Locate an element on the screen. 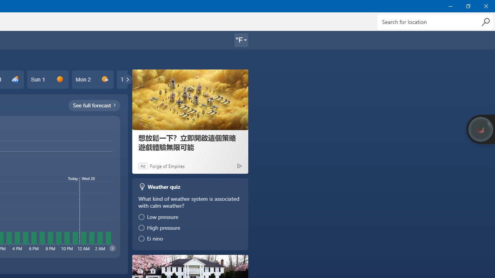 The height and width of the screenshot is (278, 495). 'Search' is located at coordinates (485, 21).